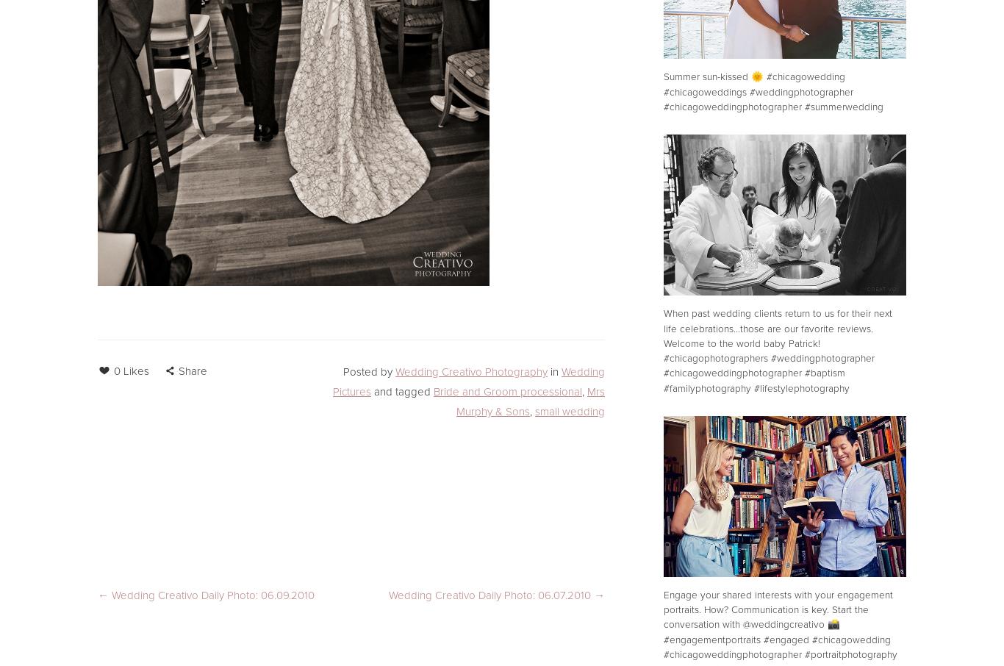 This screenshot has width=1004, height=666. Describe the element at coordinates (213, 595) in the screenshot. I see `'Wedding Creativo Daily Photo: 06.09.2010'` at that location.